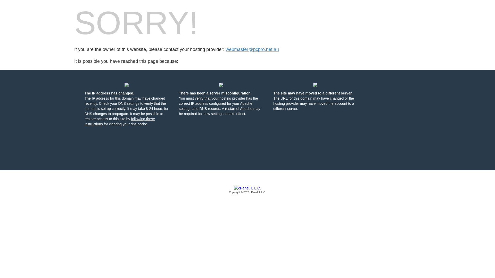 The height and width of the screenshot is (278, 495). What do you see at coordinates (84, 121) in the screenshot?
I see `'following these instructions'` at bounding box center [84, 121].